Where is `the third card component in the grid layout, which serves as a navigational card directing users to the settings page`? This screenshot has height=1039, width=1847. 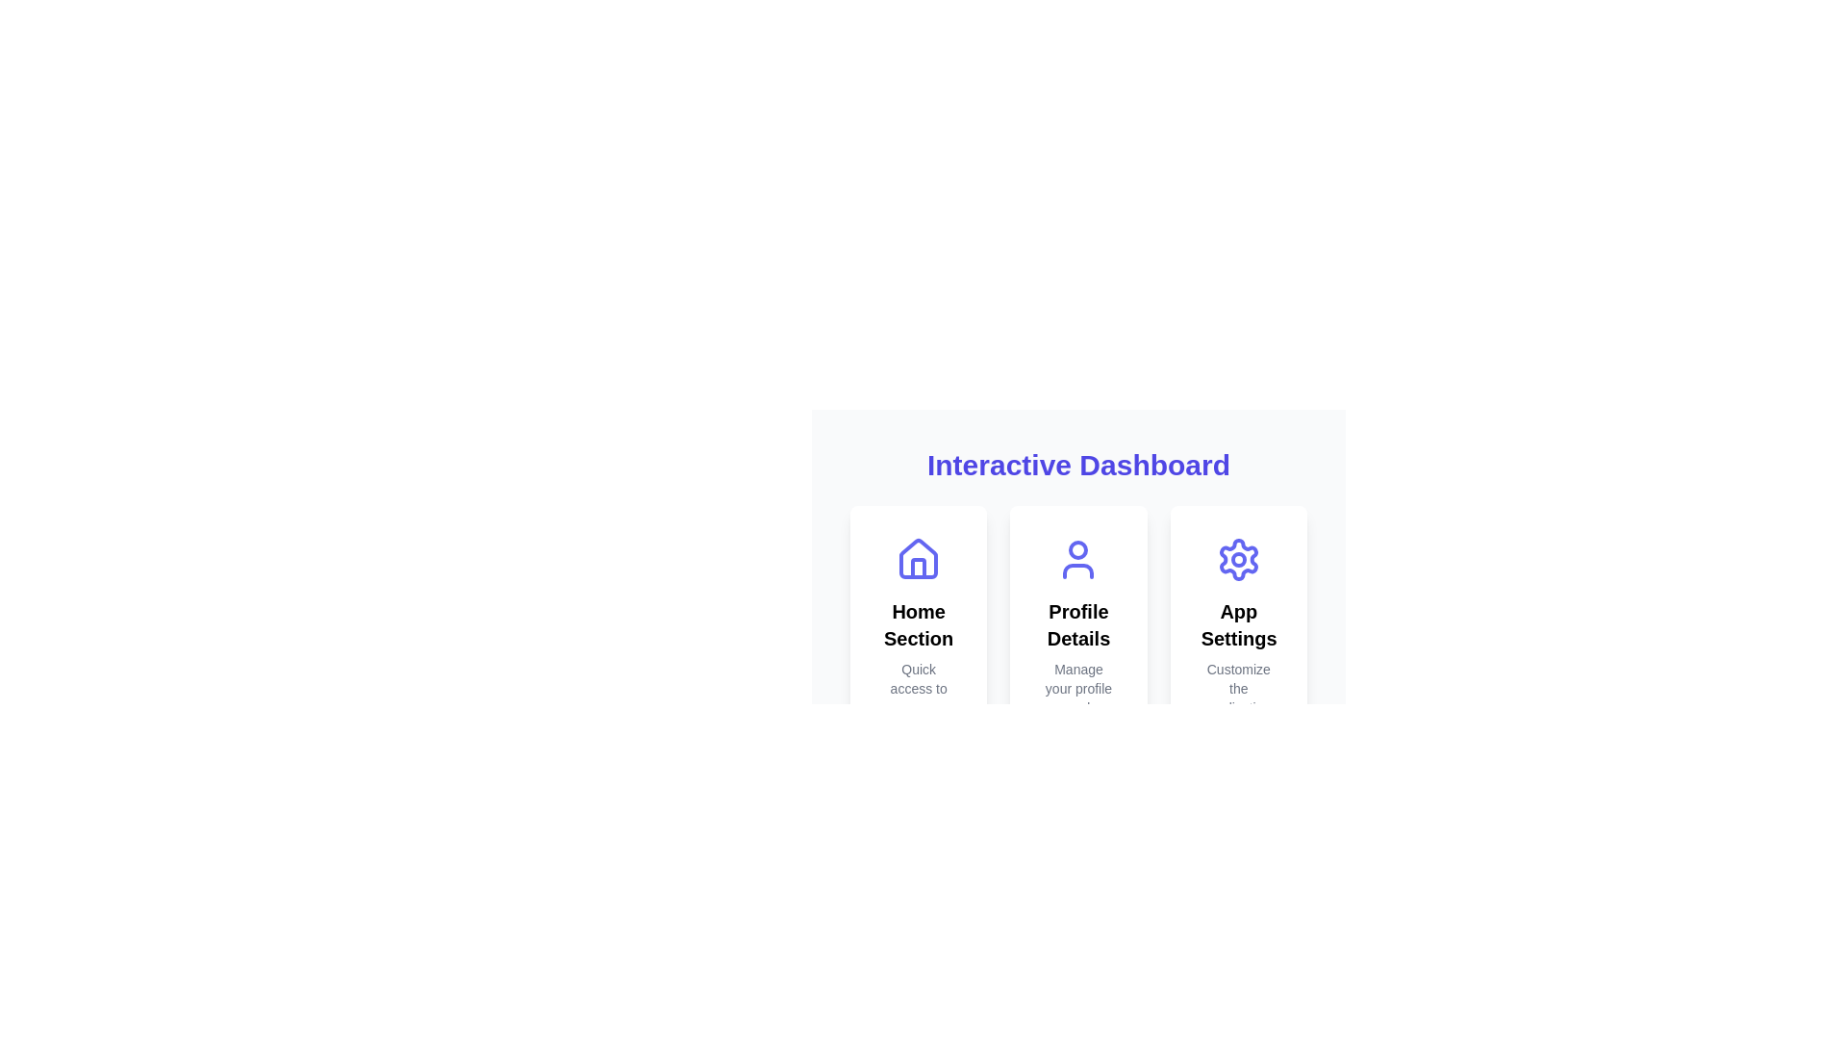 the third card component in the grid layout, which serves as a navigational card directing users to the settings page is located at coordinates (1238, 655).